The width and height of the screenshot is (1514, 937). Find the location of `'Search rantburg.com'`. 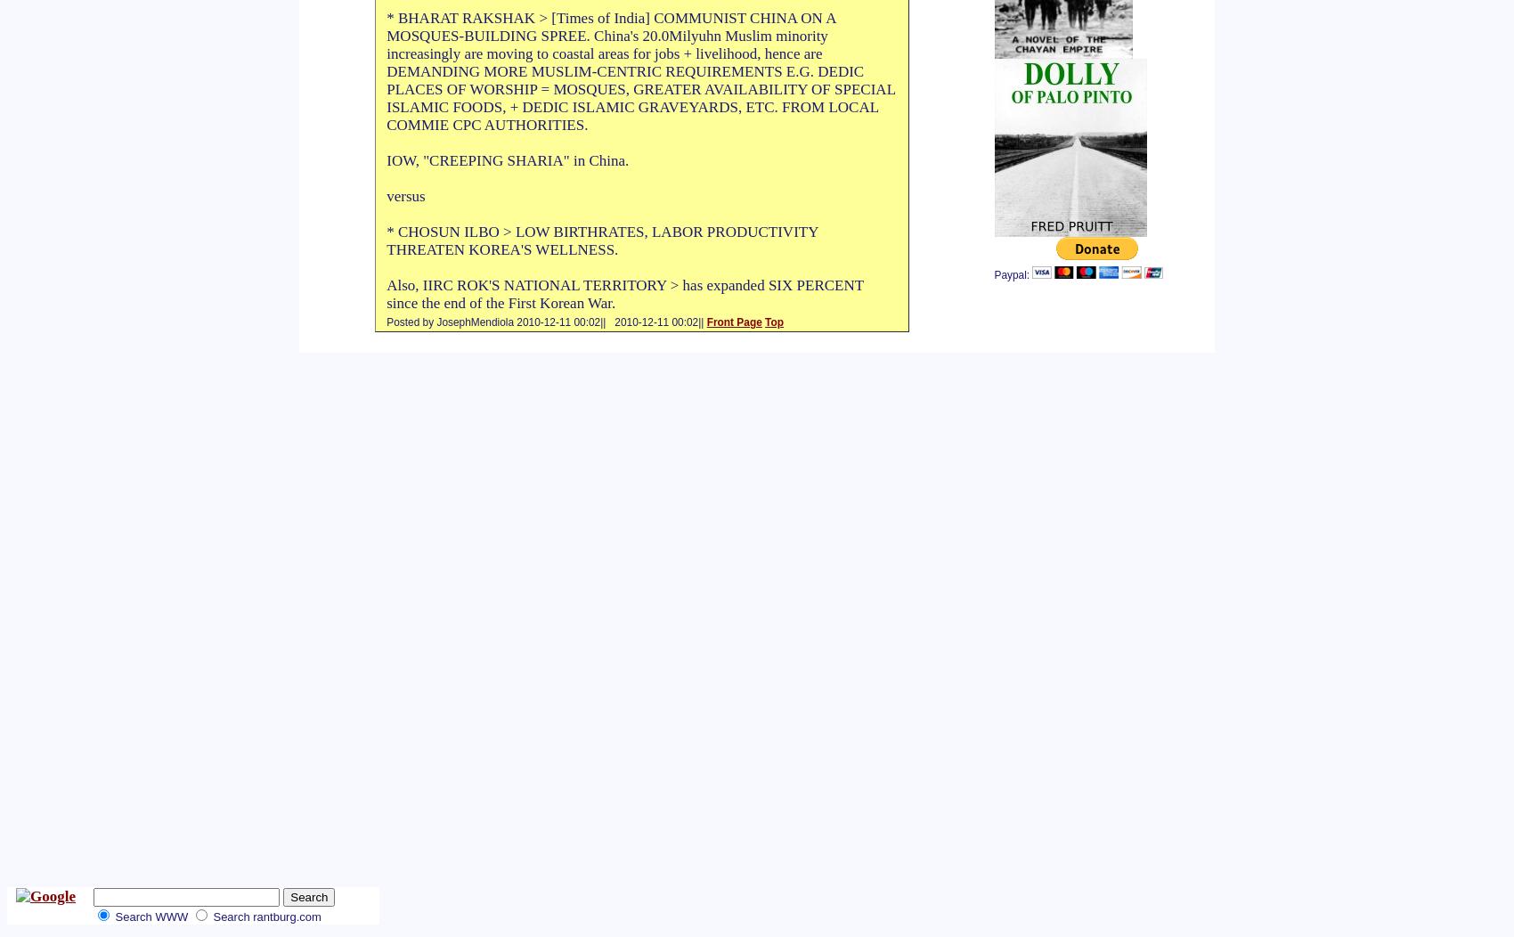

'Search rantburg.com' is located at coordinates (265, 916).